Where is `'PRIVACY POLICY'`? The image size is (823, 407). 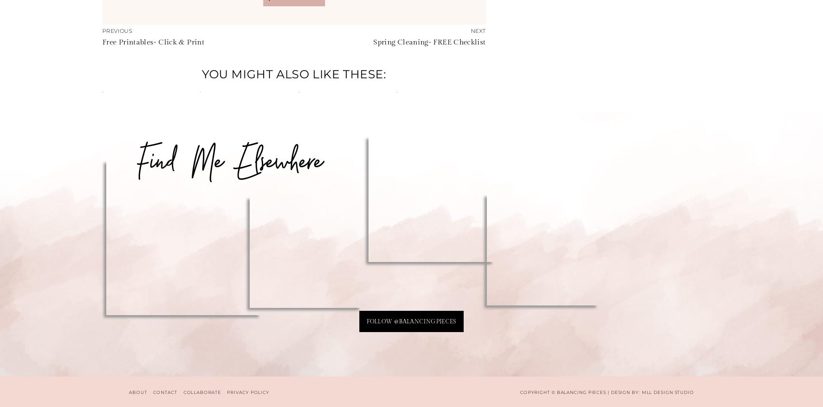 'PRIVACY POLICY' is located at coordinates (227, 392).